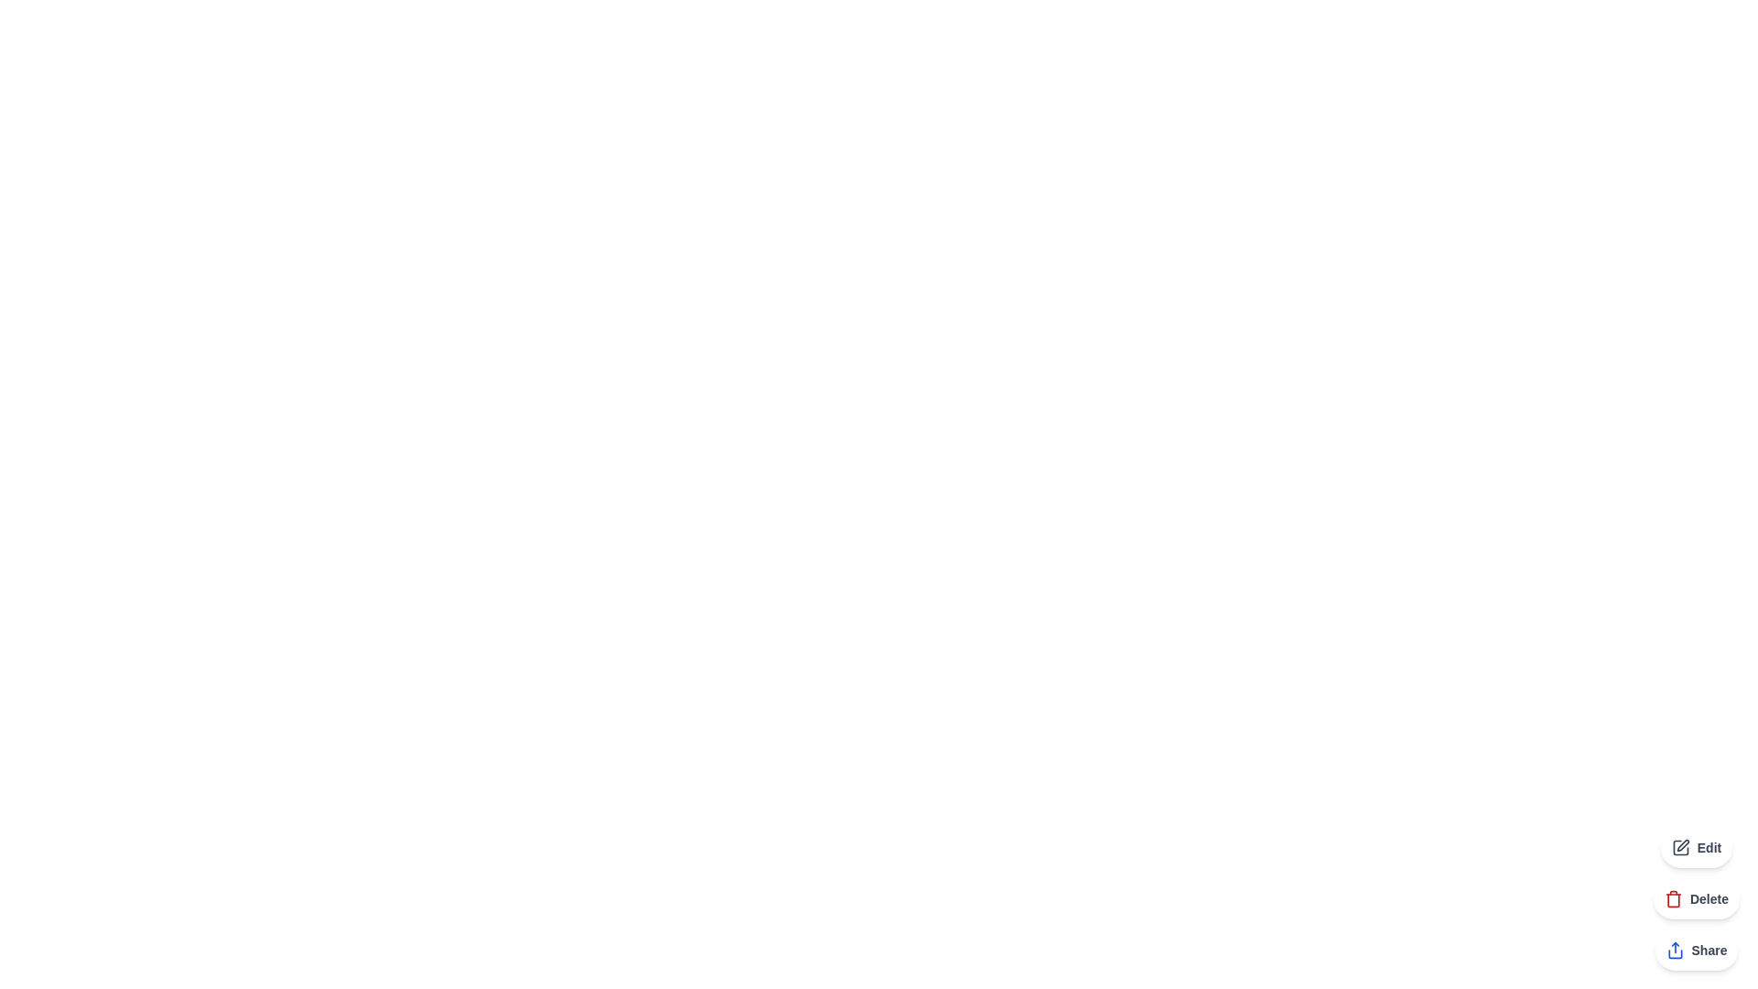 The height and width of the screenshot is (989, 1758). I want to click on the share button located at the bottom-right corner of the interface, which is the third button in a vertical stack of shareable action buttons, so click(1695, 949).